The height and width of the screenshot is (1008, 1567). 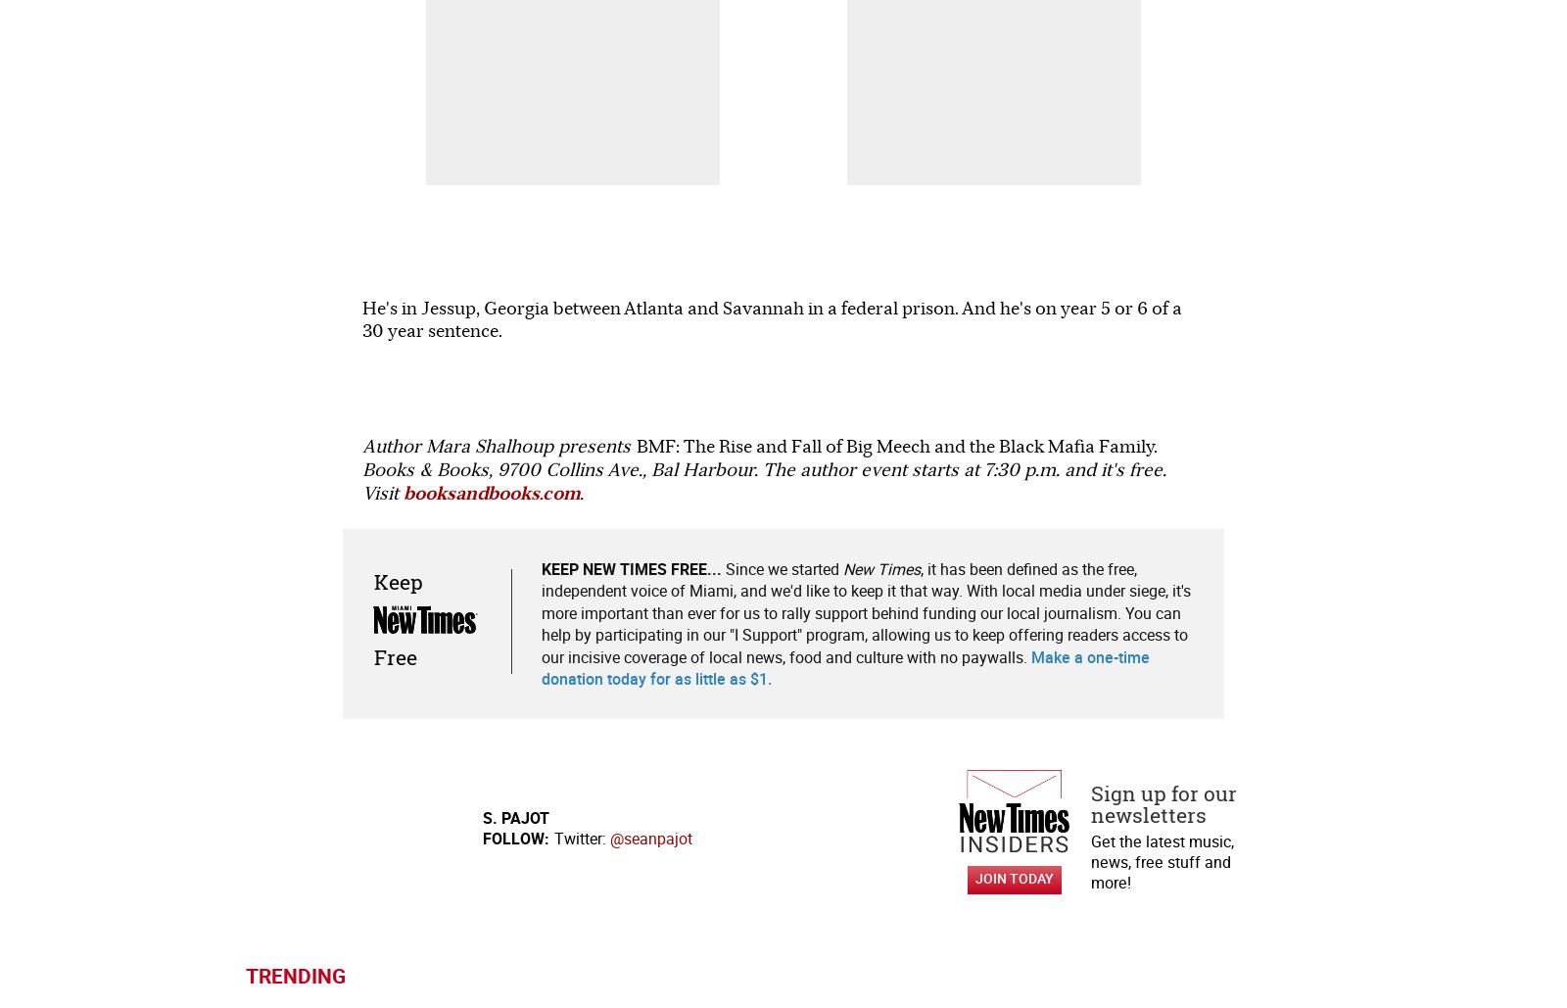 I want to click on 'The Miami New Times may earn a portion of sales from products & services purchased through links on our site from our
affiliate partners.
©2023
Miami New Times, LLC. All rights reserved.', so click(x=483, y=983).